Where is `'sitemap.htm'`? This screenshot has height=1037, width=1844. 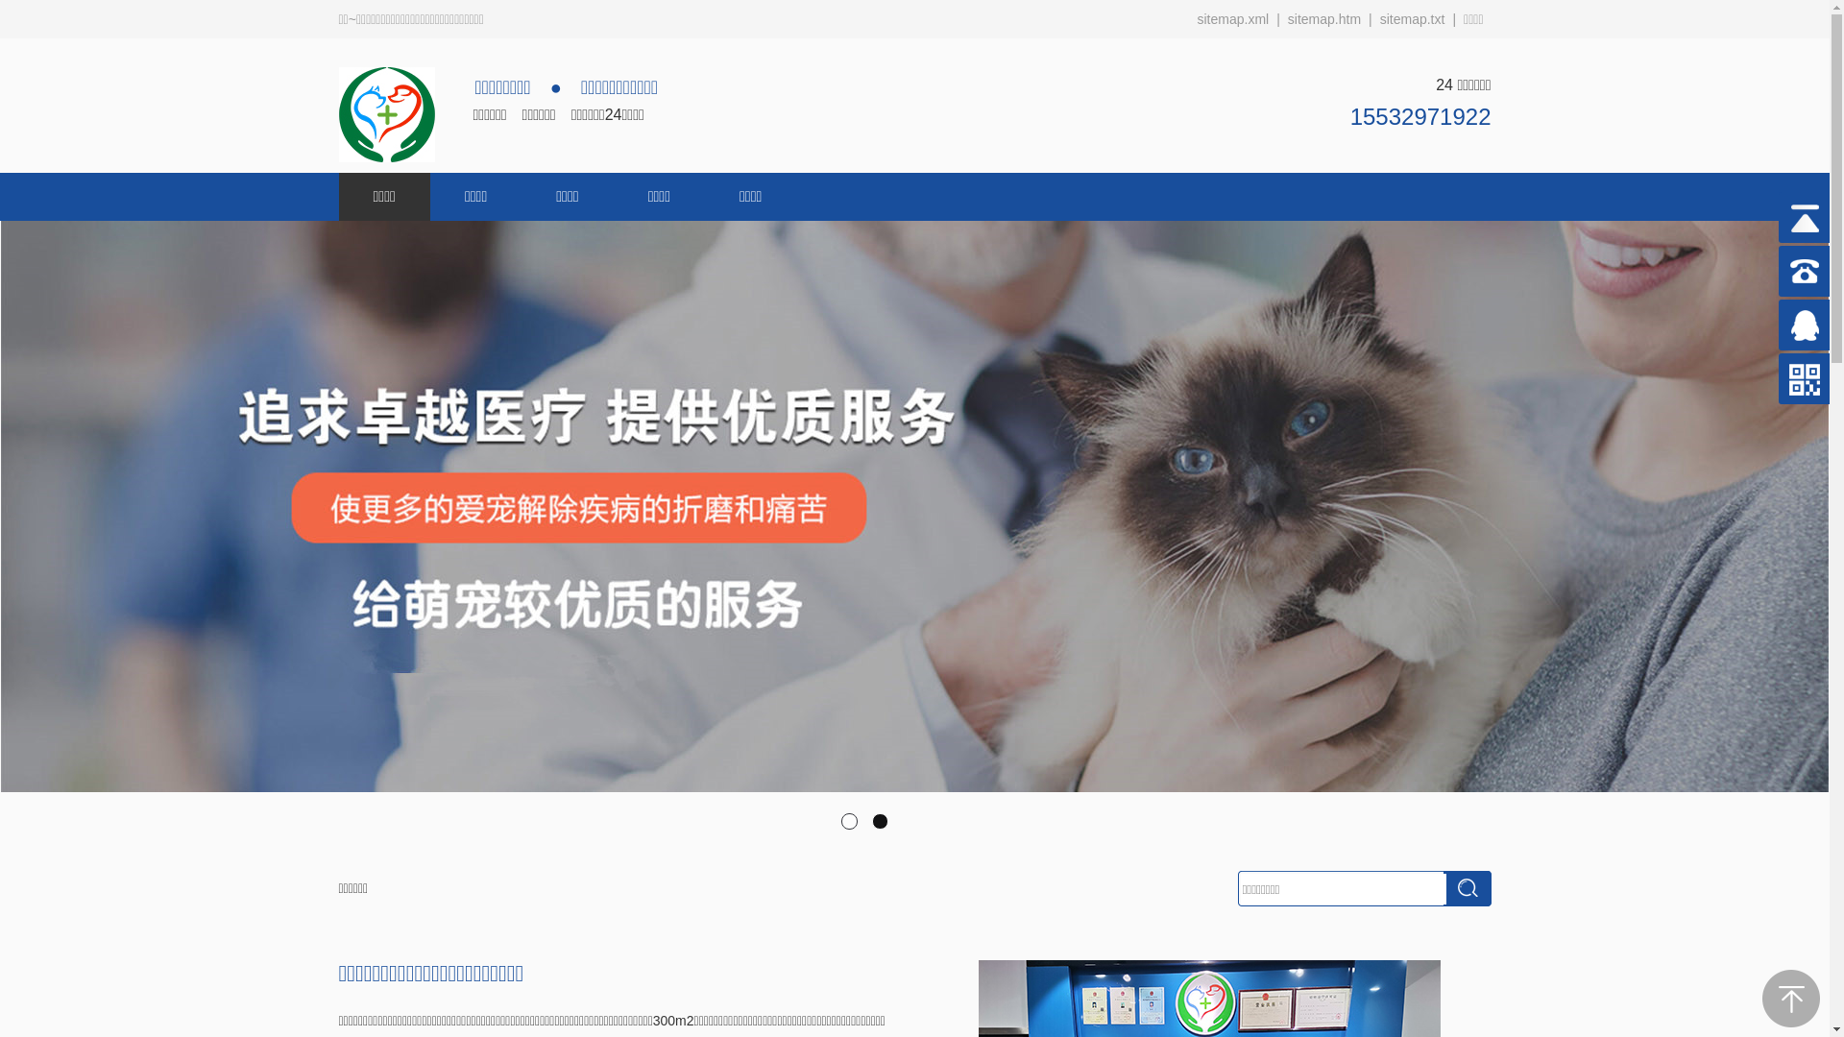
'sitemap.htm' is located at coordinates (1322, 18).